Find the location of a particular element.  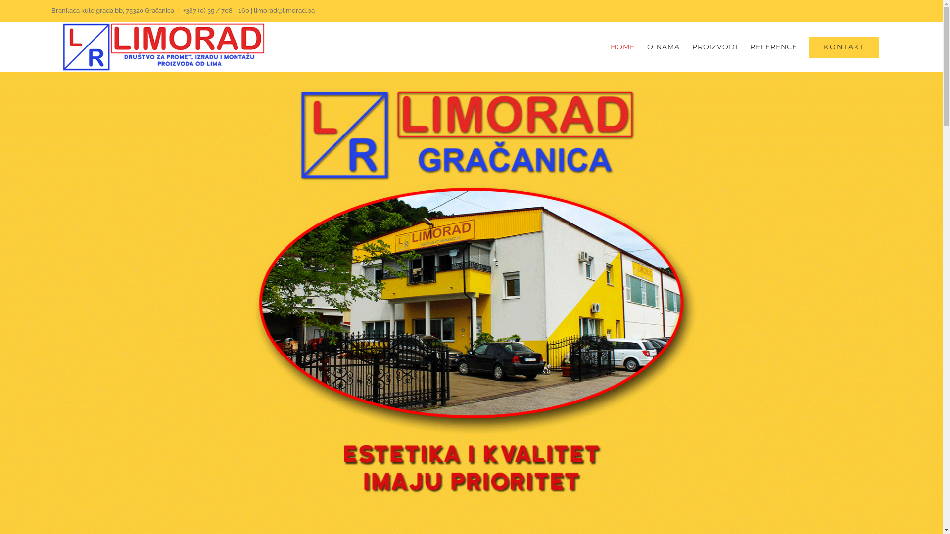

'O NAMA' is located at coordinates (663, 47).